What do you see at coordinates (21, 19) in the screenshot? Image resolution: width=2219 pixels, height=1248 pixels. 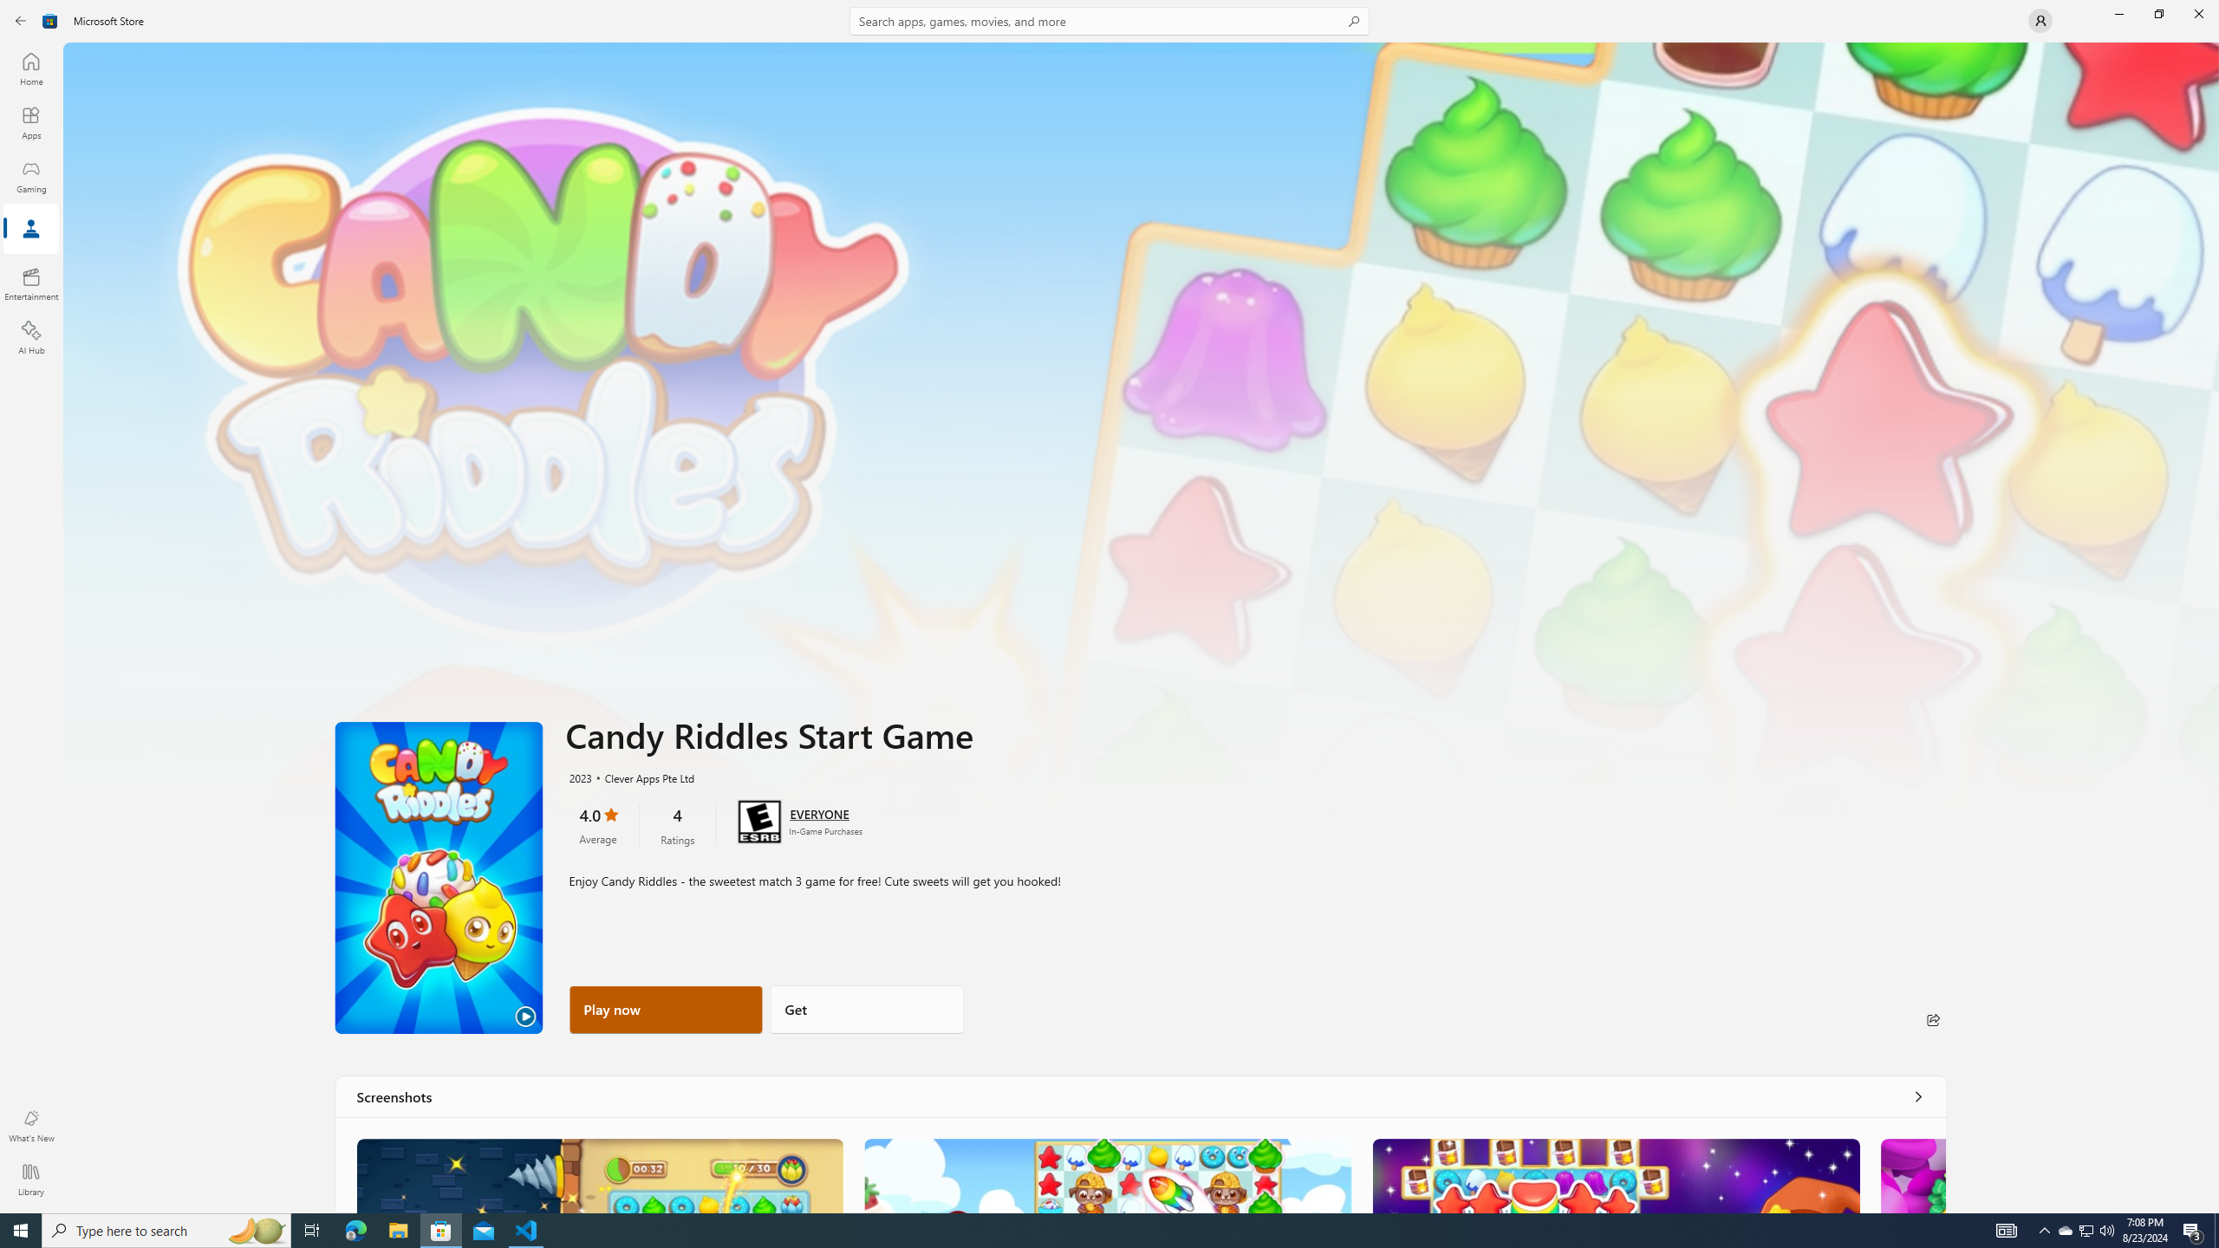 I see `'Back'` at bounding box center [21, 19].